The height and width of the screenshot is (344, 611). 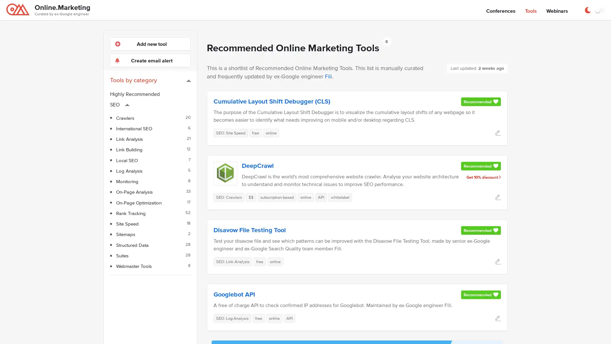 What do you see at coordinates (274, 318) in the screenshot?
I see `online` at bounding box center [274, 318].